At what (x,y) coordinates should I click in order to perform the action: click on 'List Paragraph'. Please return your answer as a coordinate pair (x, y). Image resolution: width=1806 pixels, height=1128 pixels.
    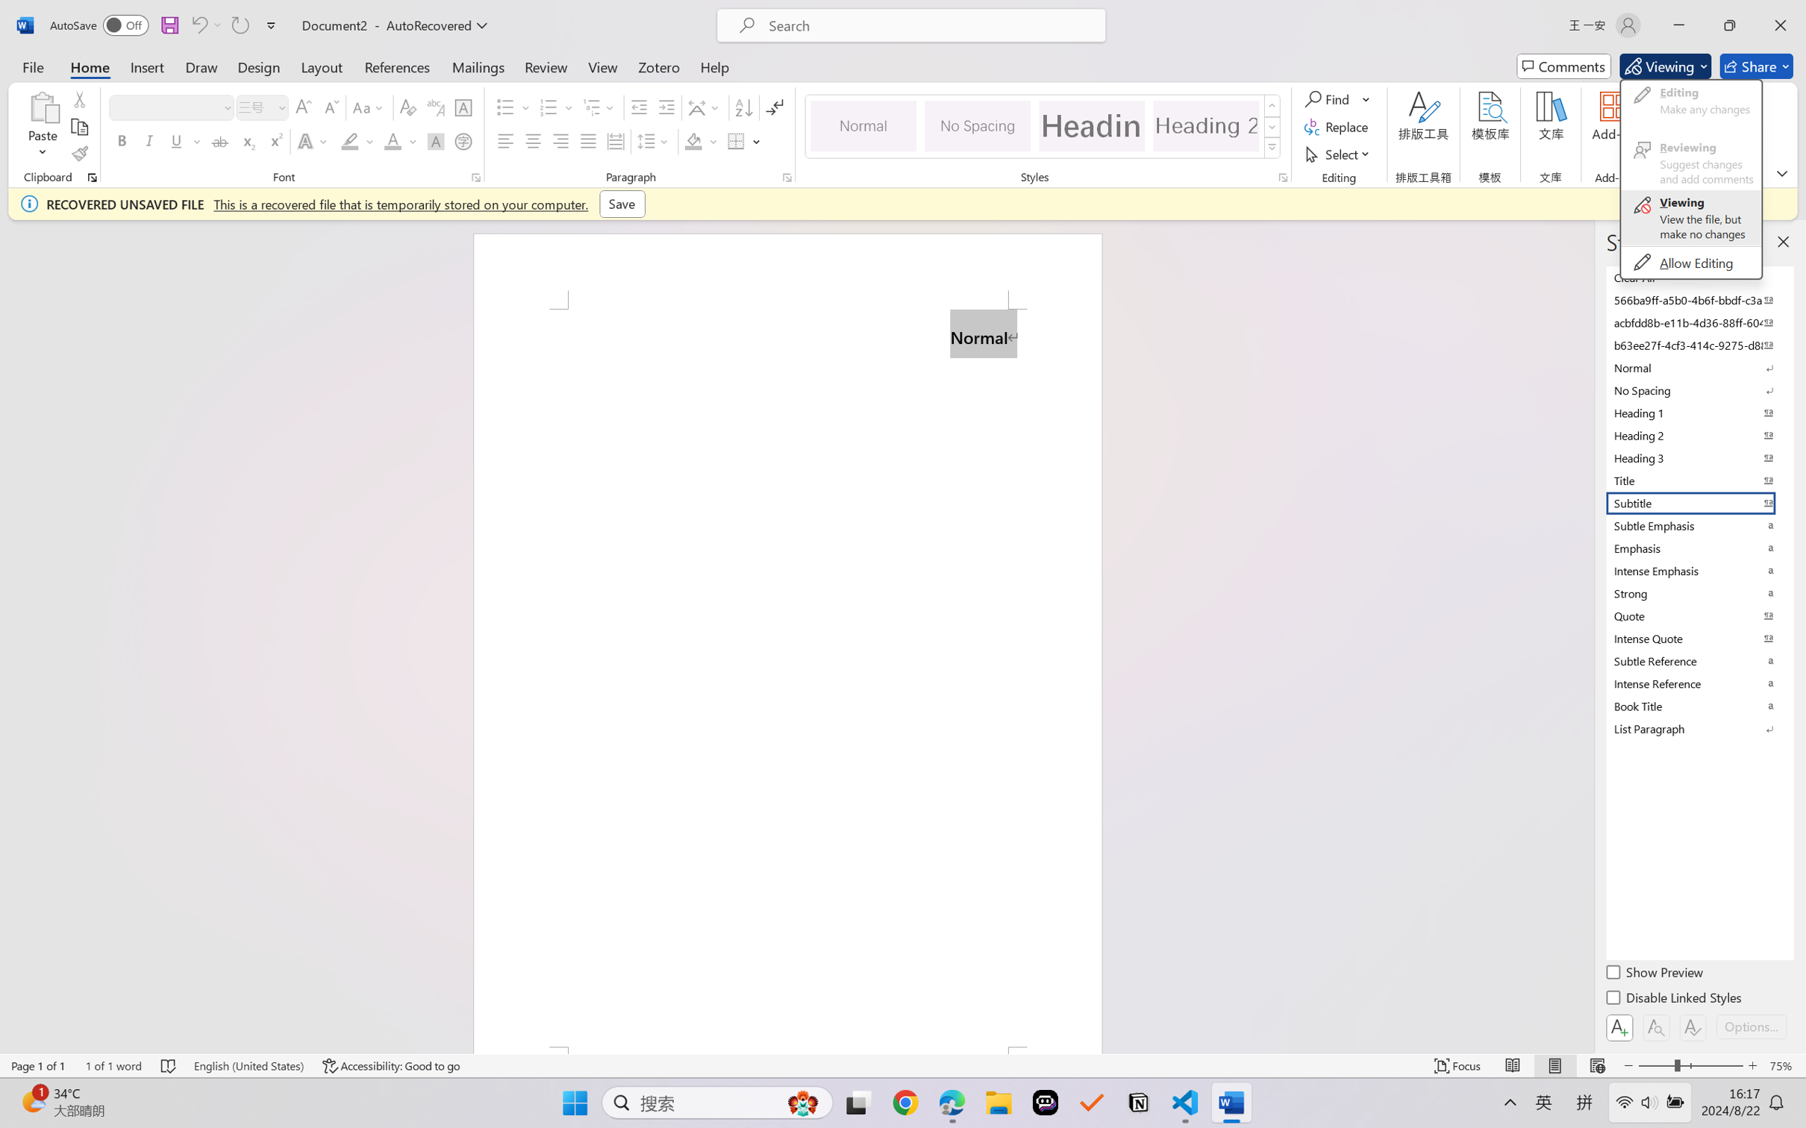
    Looking at the image, I should click on (1698, 728).